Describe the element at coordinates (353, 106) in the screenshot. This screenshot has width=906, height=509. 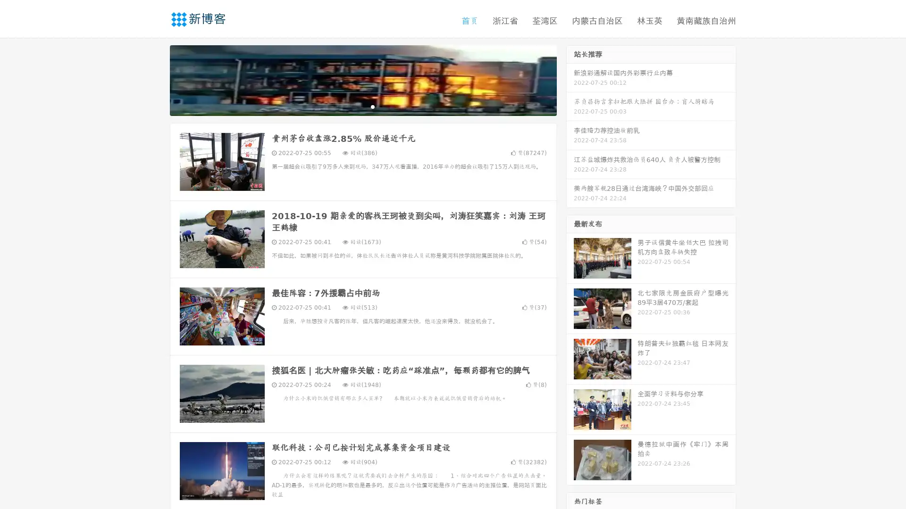
I see `Go to slide 1` at that location.